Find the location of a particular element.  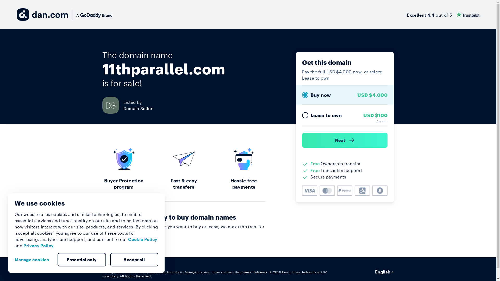

'Cookie Policy' is located at coordinates (142, 239).